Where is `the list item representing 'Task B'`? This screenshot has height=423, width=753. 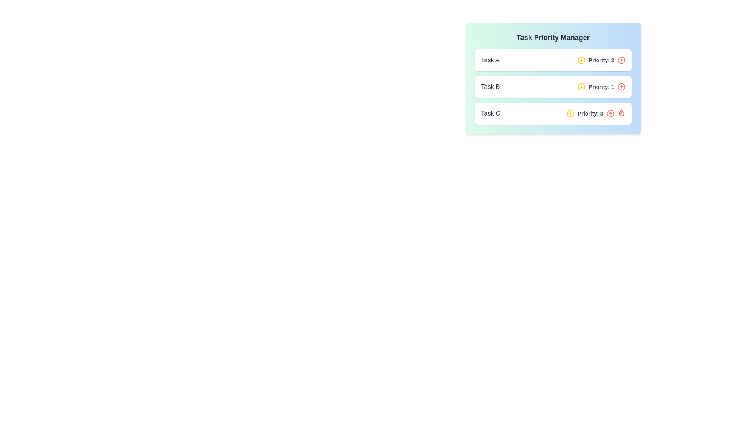
the list item representing 'Task B' is located at coordinates (553, 87).